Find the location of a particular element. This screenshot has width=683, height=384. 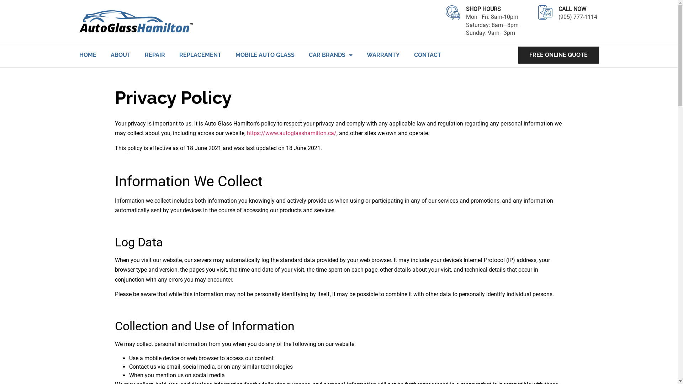

'REPAIR' is located at coordinates (154, 54).